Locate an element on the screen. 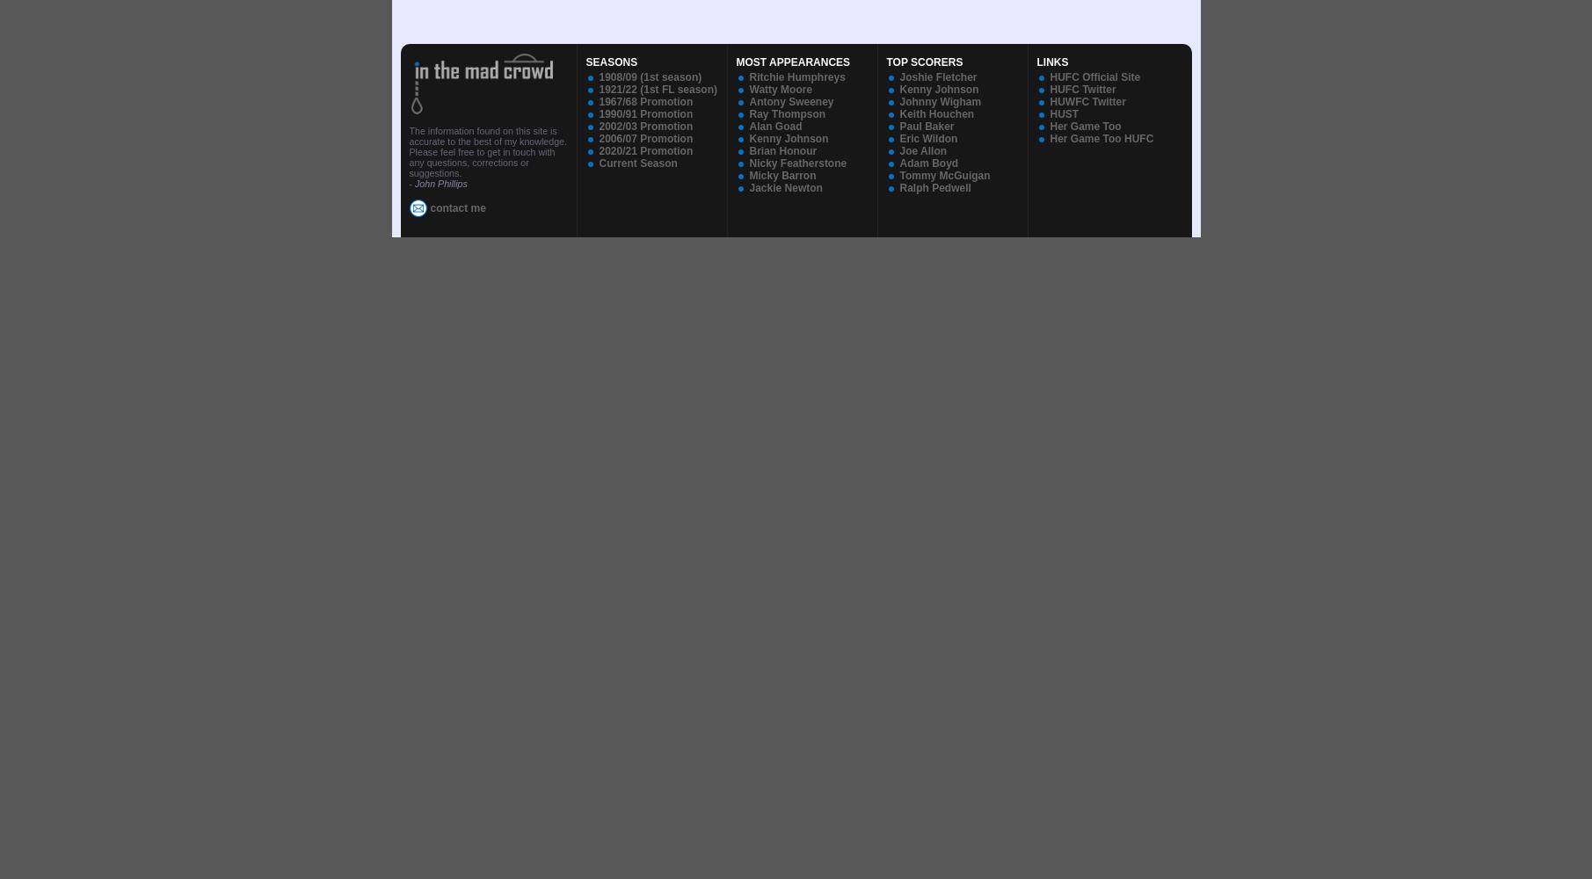  'Antony Sweeney' is located at coordinates (791, 101).